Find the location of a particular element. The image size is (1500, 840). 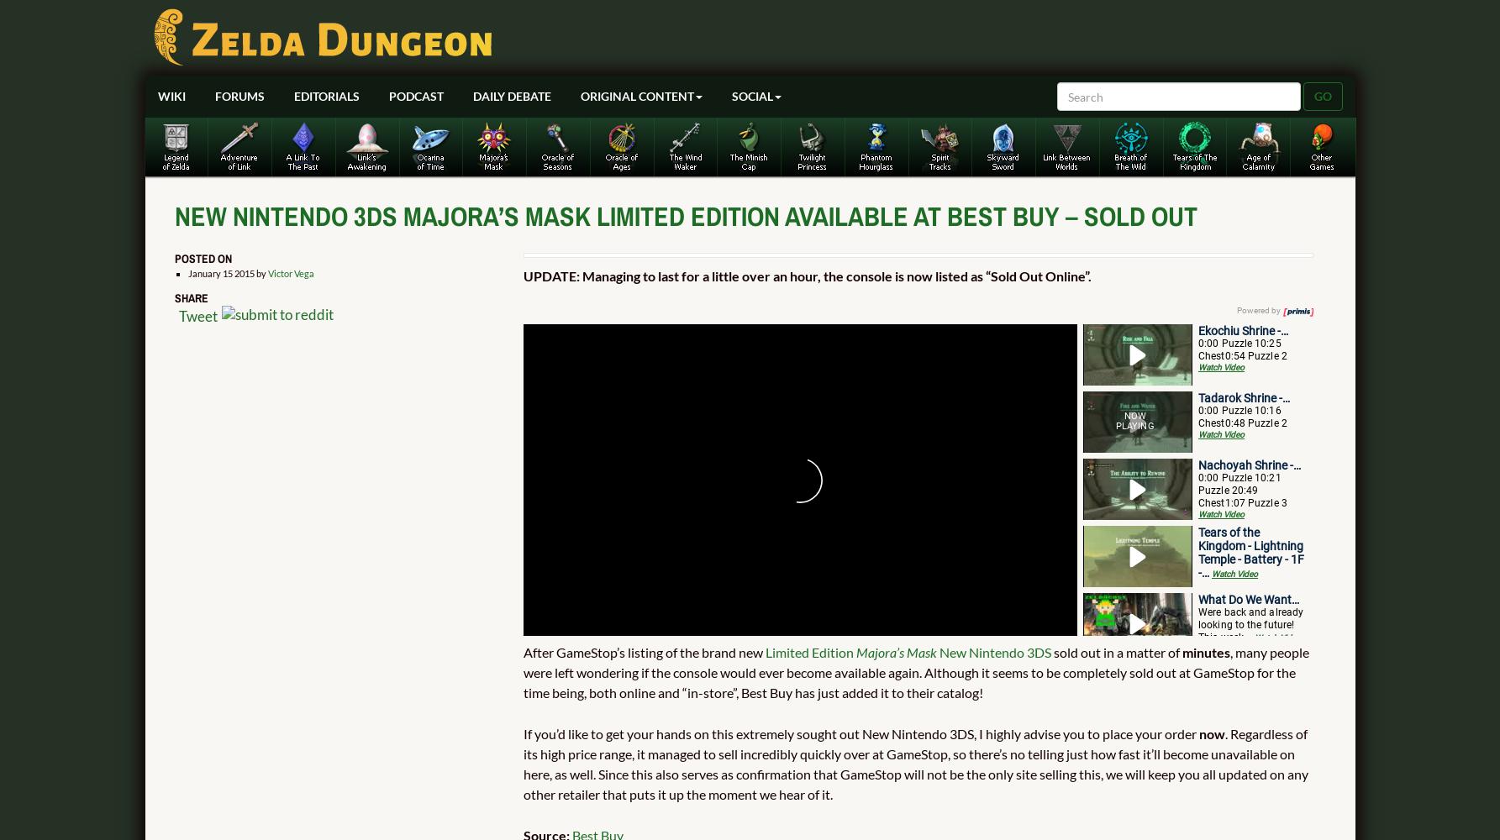

'Majora’s Mask' is located at coordinates (896, 652).